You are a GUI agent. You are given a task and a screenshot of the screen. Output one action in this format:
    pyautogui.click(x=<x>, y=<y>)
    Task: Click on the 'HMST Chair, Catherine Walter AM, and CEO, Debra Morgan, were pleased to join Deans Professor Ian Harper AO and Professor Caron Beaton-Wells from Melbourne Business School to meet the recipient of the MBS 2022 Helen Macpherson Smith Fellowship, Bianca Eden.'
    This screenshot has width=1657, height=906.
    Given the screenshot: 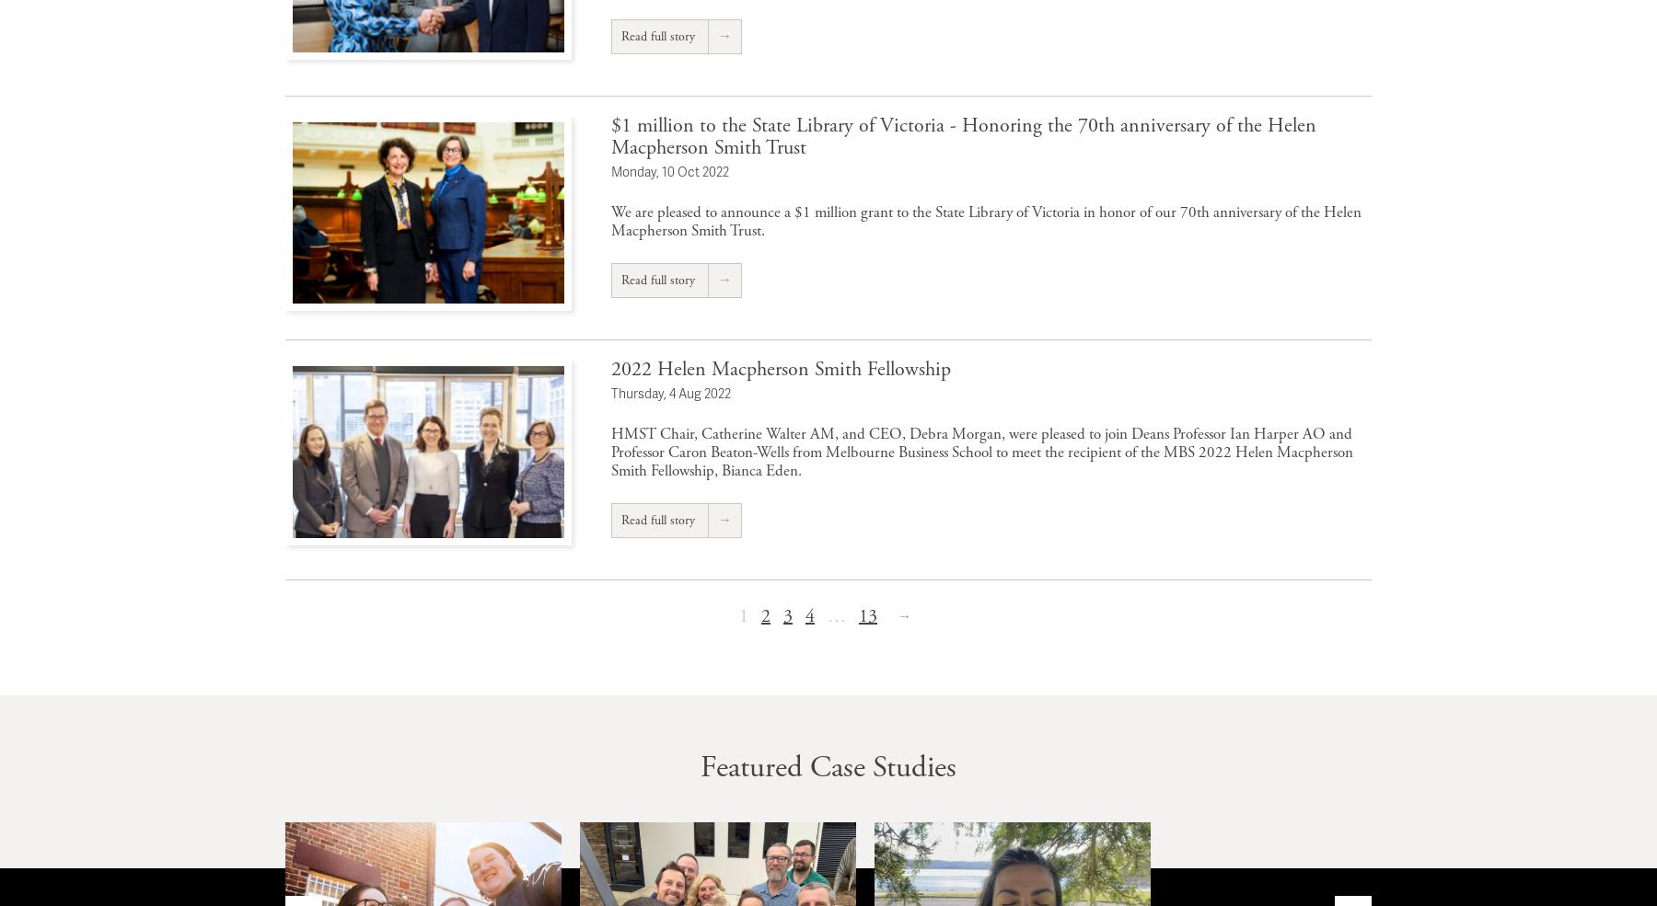 What is the action you would take?
    pyautogui.click(x=982, y=451)
    